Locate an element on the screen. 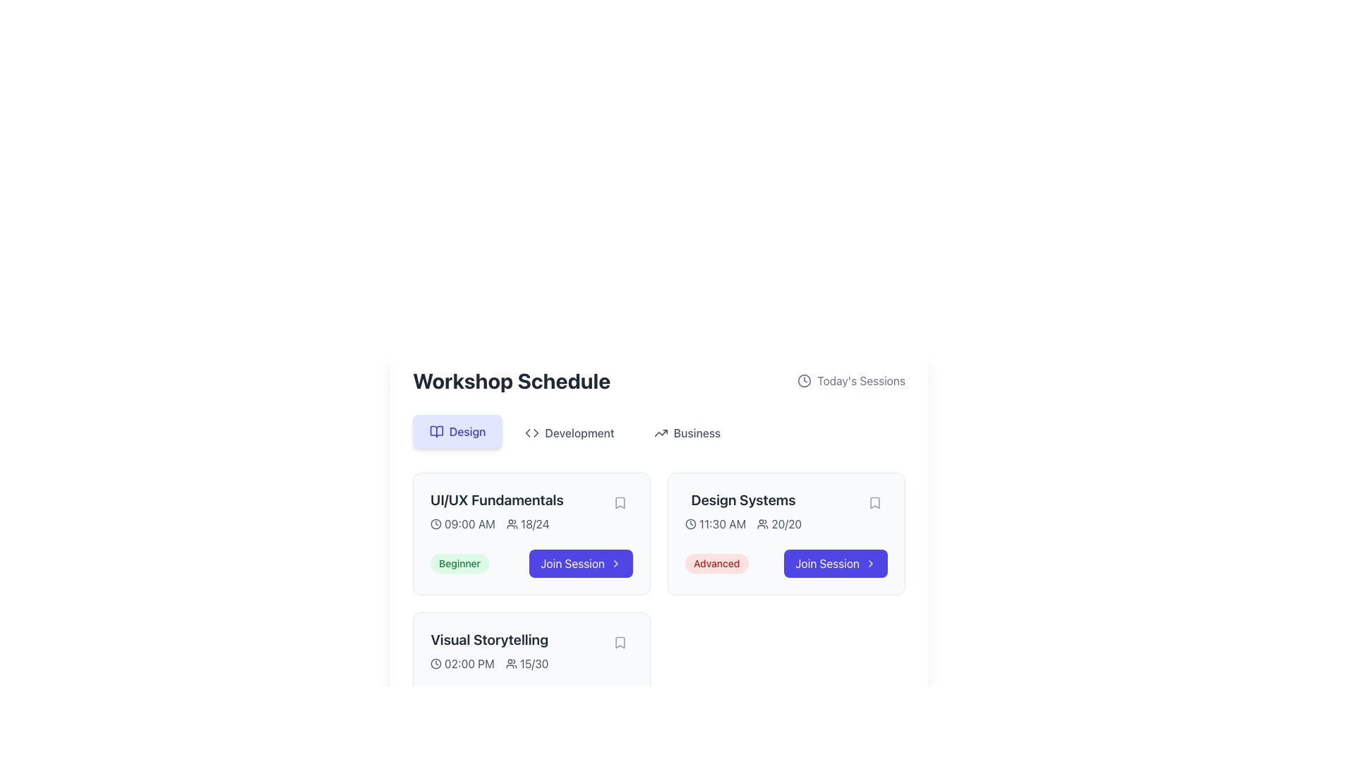  the time display showing '02:00 PM' with the clock icon is located at coordinates (462, 664).